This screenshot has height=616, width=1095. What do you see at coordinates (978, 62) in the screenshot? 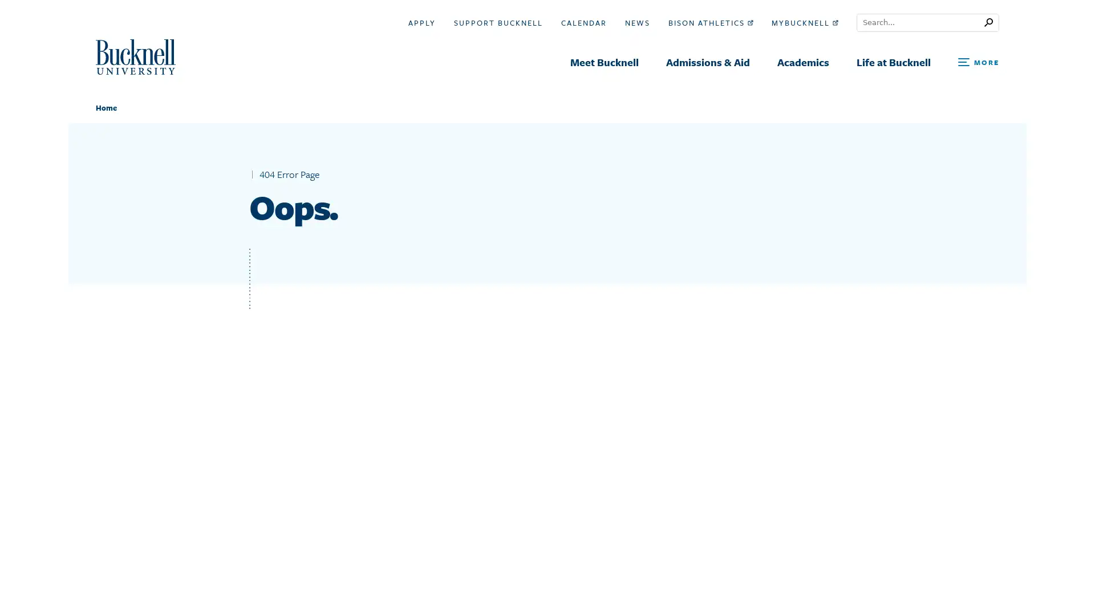
I see `Open Search and Additional Links` at bounding box center [978, 62].